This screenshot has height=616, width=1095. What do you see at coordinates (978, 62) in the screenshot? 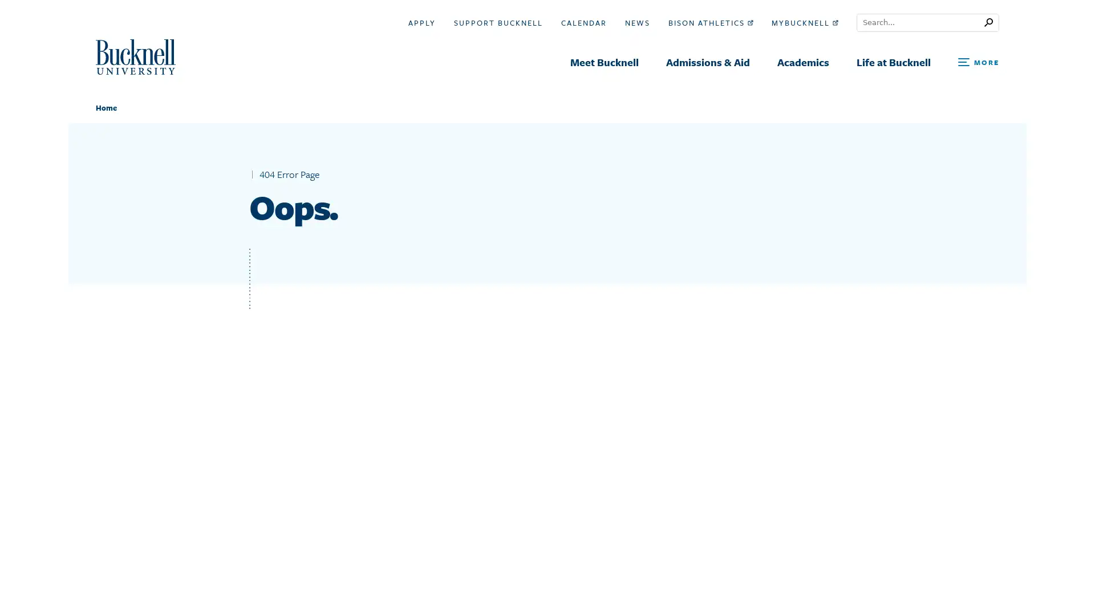
I see `Open Search and Additional Links` at bounding box center [978, 62].